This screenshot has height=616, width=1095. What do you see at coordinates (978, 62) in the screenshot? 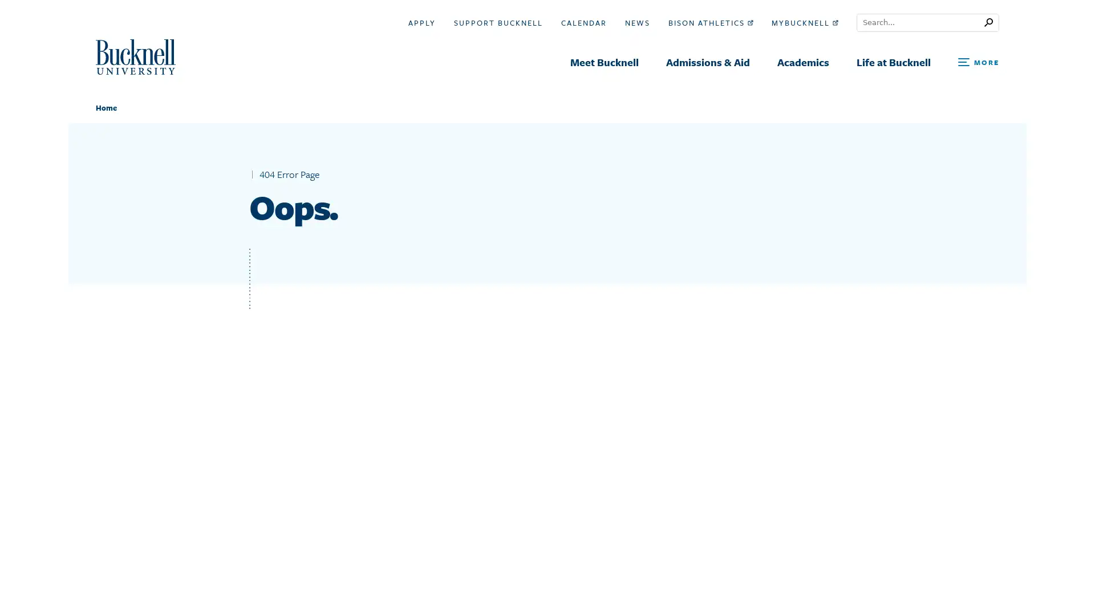
I see `Open Search and Additional Links` at bounding box center [978, 62].